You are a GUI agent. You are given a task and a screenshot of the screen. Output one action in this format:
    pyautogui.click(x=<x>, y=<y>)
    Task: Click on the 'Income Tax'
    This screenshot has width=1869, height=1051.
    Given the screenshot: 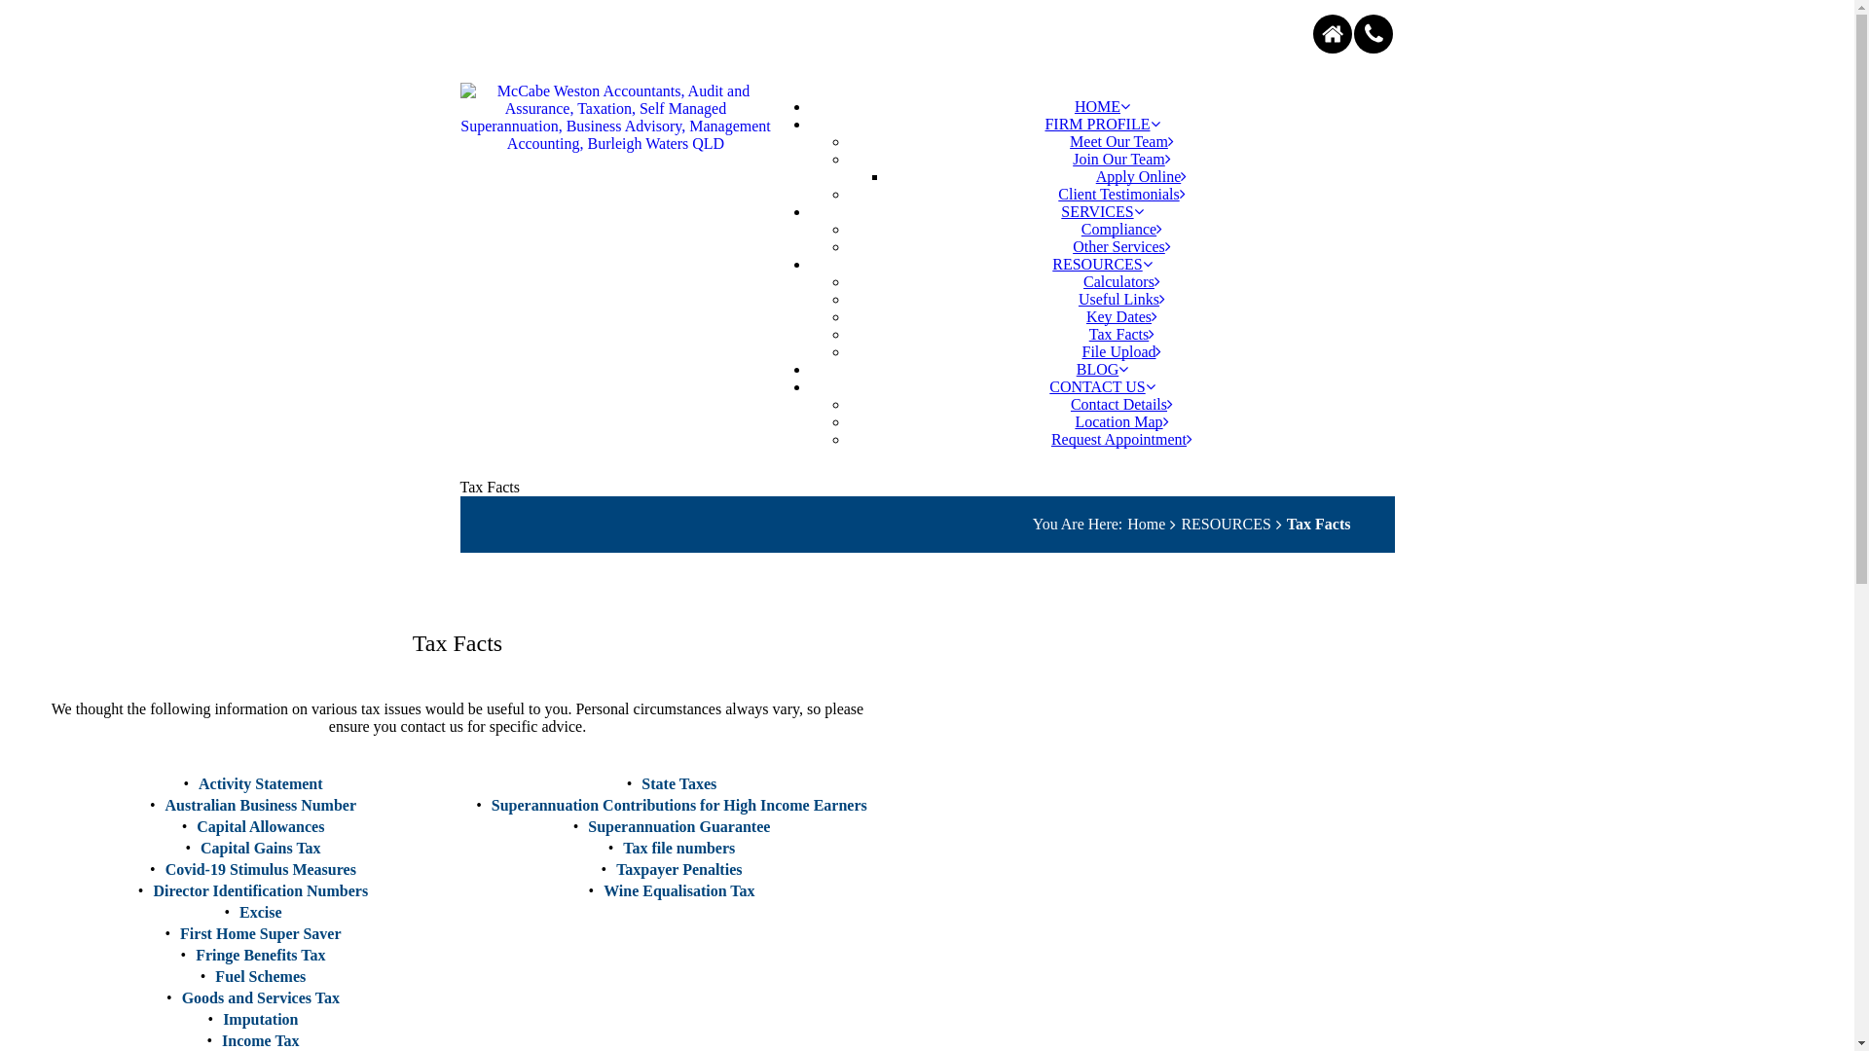 What is the action you would take?
    pyautogui.click(x=260, y=1039)
    